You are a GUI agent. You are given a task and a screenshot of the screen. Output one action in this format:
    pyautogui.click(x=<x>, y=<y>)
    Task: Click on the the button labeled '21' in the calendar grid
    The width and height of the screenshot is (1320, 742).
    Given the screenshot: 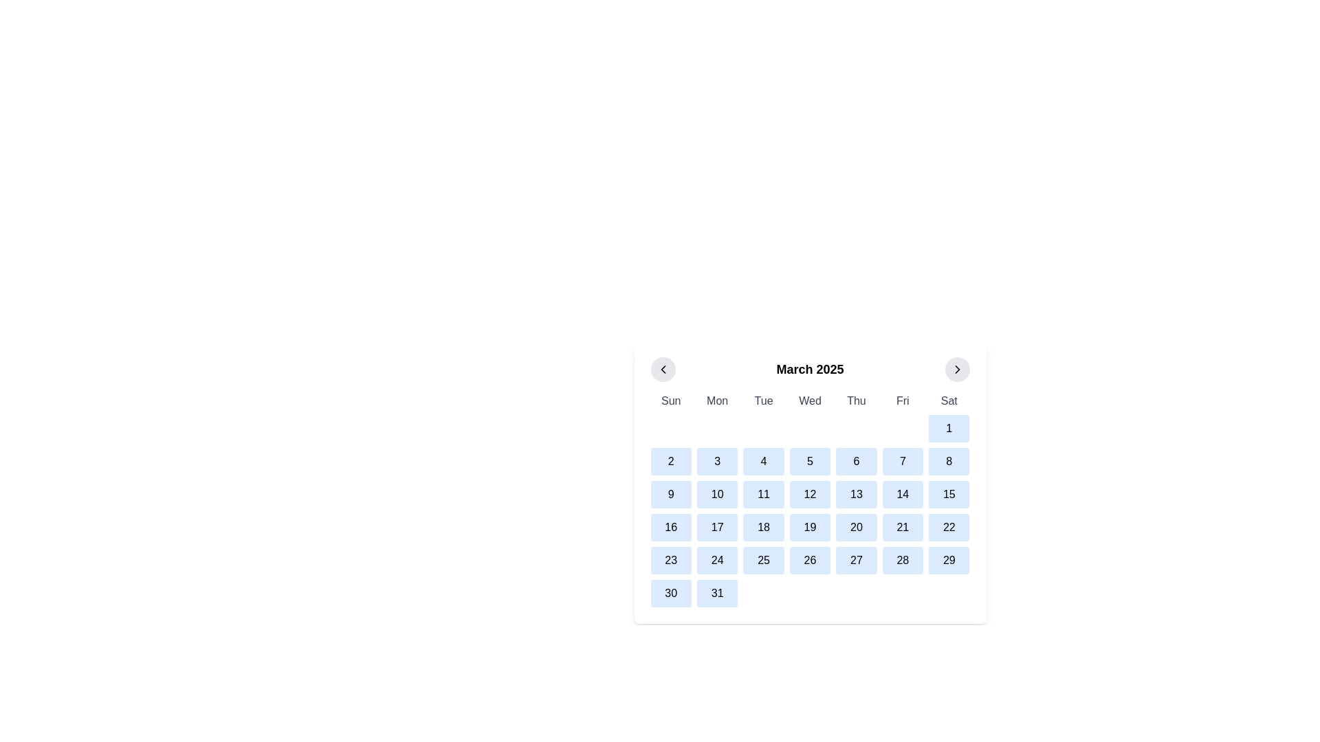 What is the action you would take?
    pyautogui.click(x=903, y=526)
    